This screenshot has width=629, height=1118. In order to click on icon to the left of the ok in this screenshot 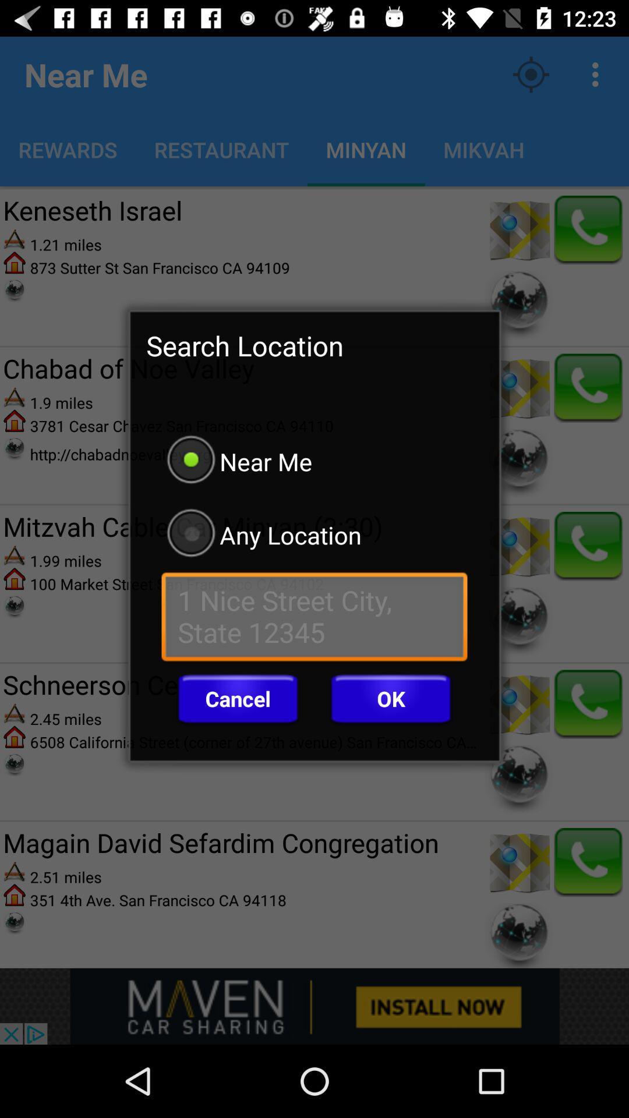, I will do `click(237, 699)`.